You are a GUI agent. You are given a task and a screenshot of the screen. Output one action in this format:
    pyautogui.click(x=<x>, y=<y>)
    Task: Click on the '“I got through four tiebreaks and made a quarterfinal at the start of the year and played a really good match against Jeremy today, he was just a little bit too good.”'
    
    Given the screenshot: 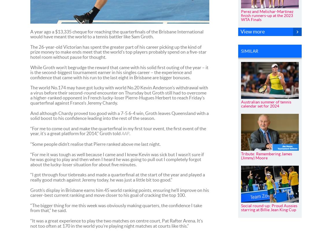 What is the action you would take?
    pyautogui.click(x=117, y=177)
    